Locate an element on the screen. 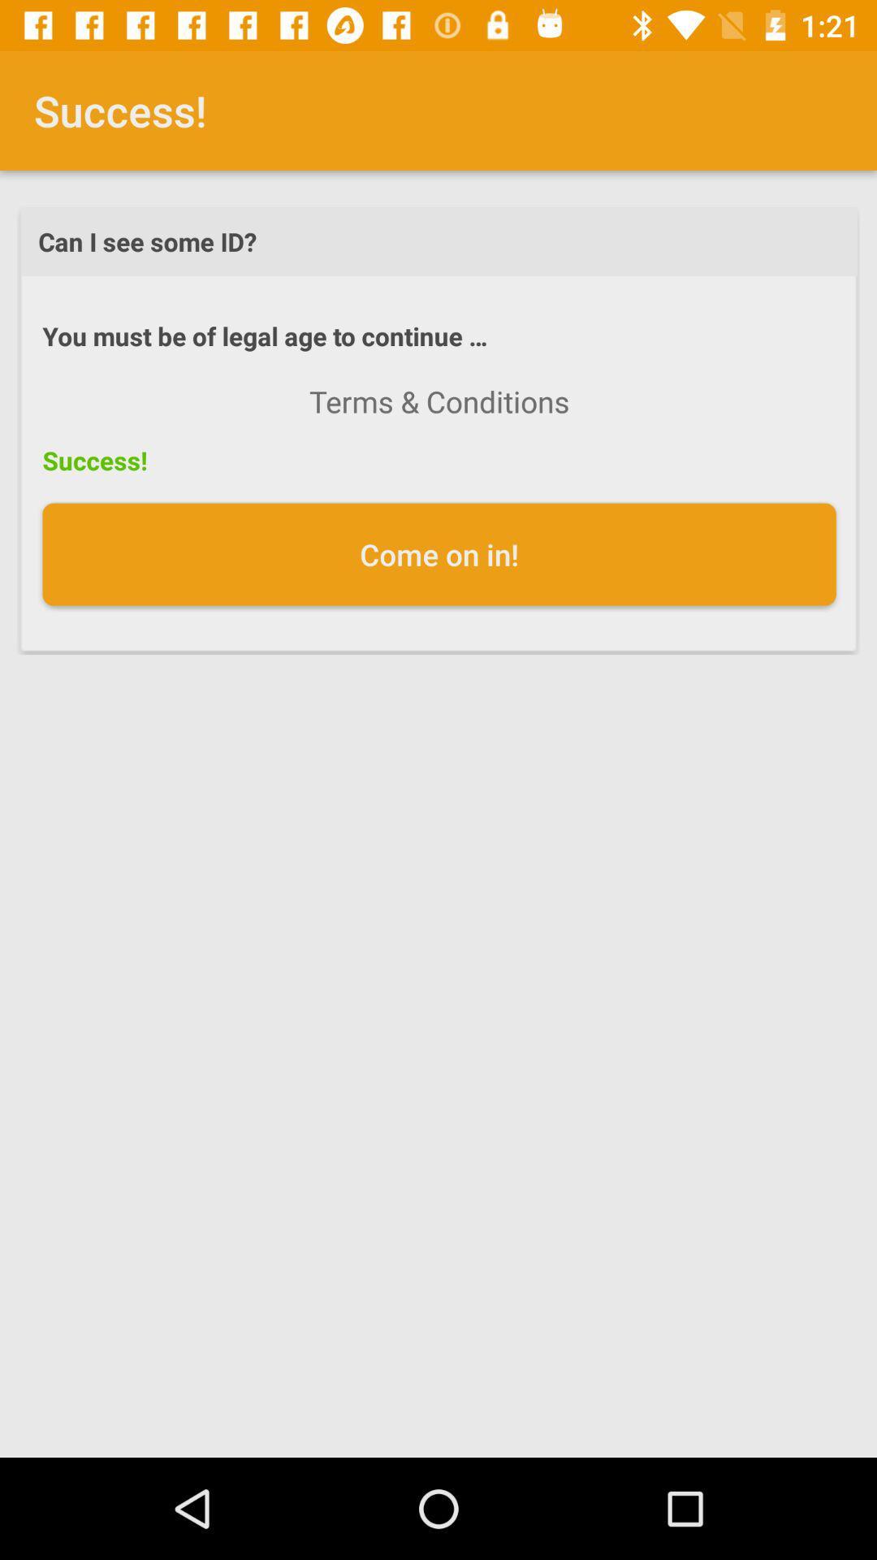 The image size is (877, 1560). the item above the come on in! icon is located at coordinates (439, 401).